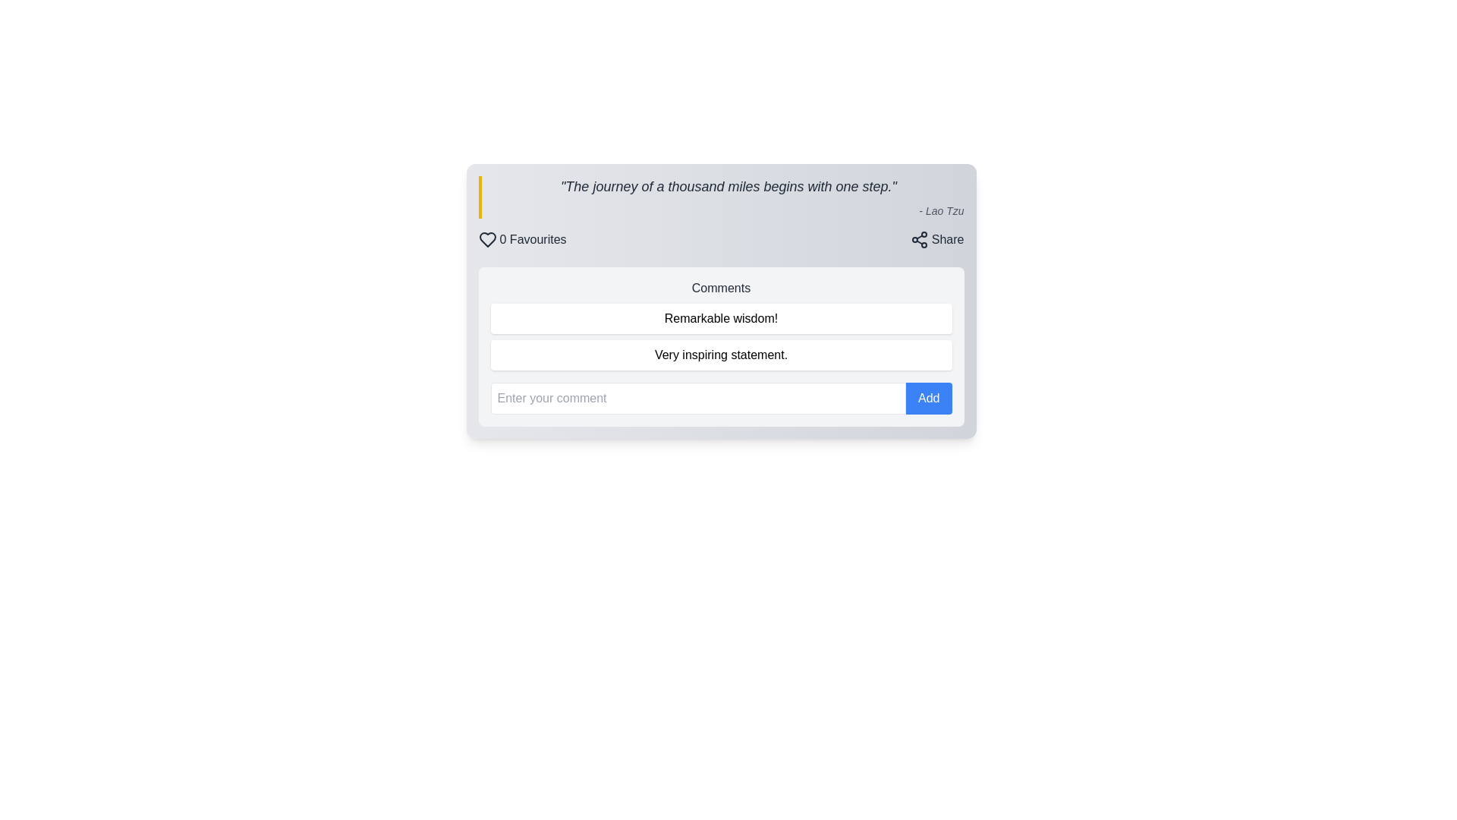 This screenshot has height=820, width=1457. I want to click on the favorite Icon button located in the upper-left corner of the card-like structure, so click(487, 239).